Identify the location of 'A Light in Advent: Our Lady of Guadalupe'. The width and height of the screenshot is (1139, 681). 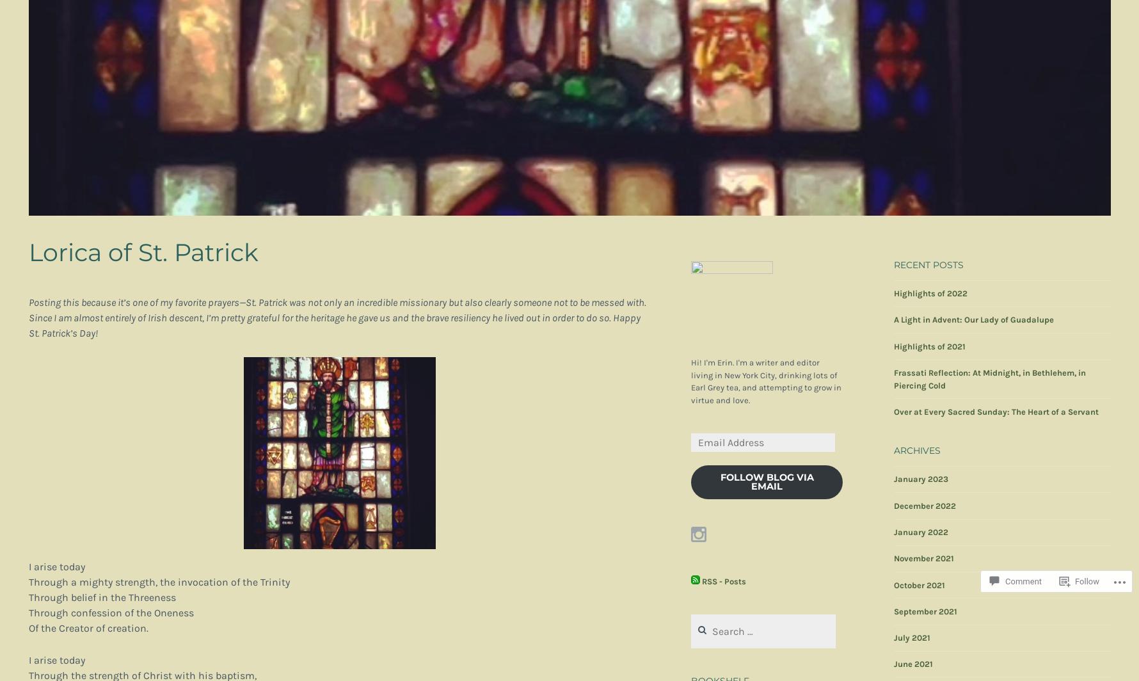
(974, 319).